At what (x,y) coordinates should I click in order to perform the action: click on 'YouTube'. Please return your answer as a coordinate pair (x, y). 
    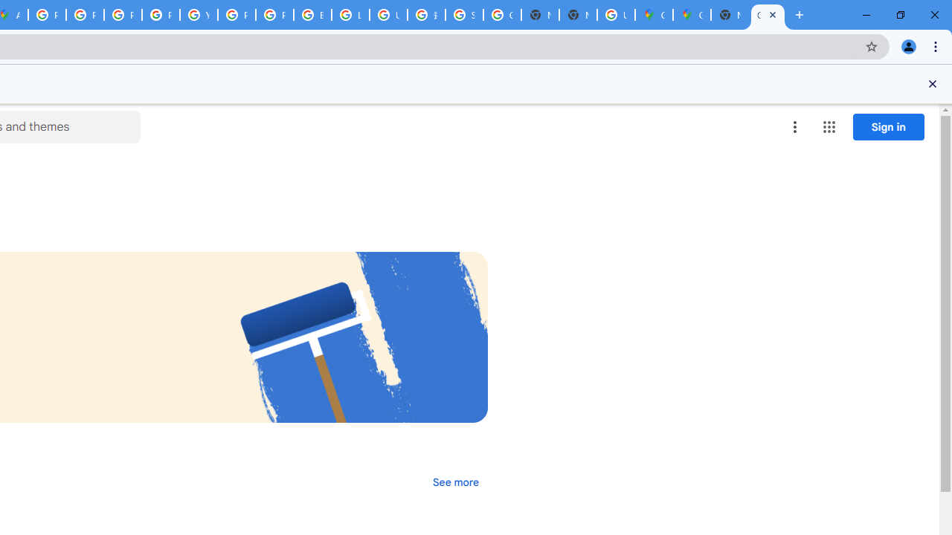
    Looking at the image, I should click on (198, 15).